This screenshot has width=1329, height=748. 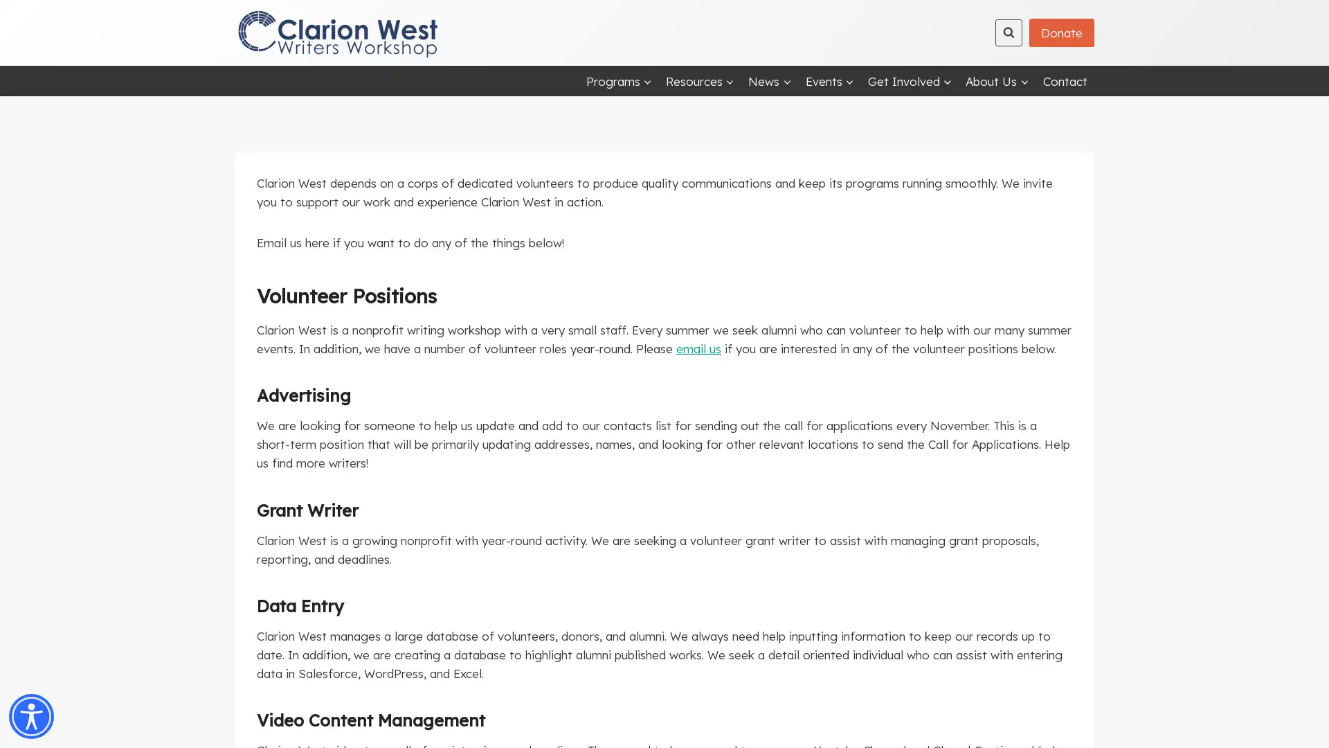 What do you see at coordinates (997, 80) in the screenshot?
I see `Expand child menu` at bounding box center [997, 80].